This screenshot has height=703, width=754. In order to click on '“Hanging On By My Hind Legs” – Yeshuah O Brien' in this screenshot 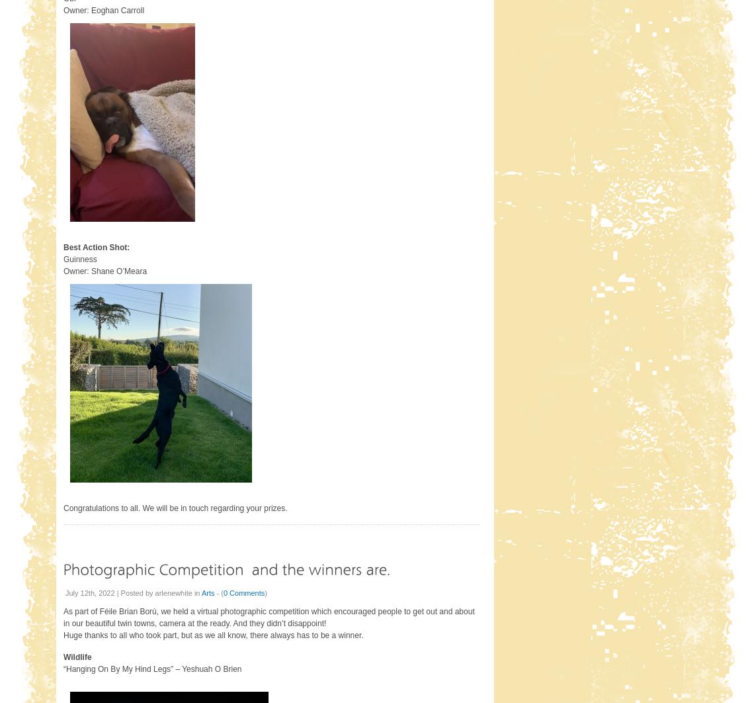, I will do `click(151, 669)`.